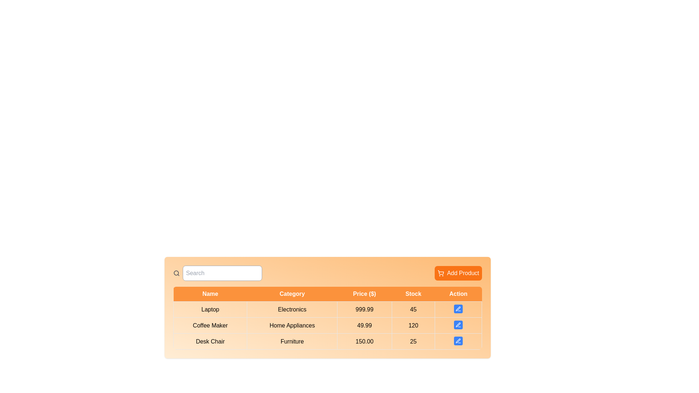  What do you see at coordinates (458, 309) in the screenshot?
I see `the 'edit' button located in the 'Action' column of the first row of the table` at bounding box center [458, 309].